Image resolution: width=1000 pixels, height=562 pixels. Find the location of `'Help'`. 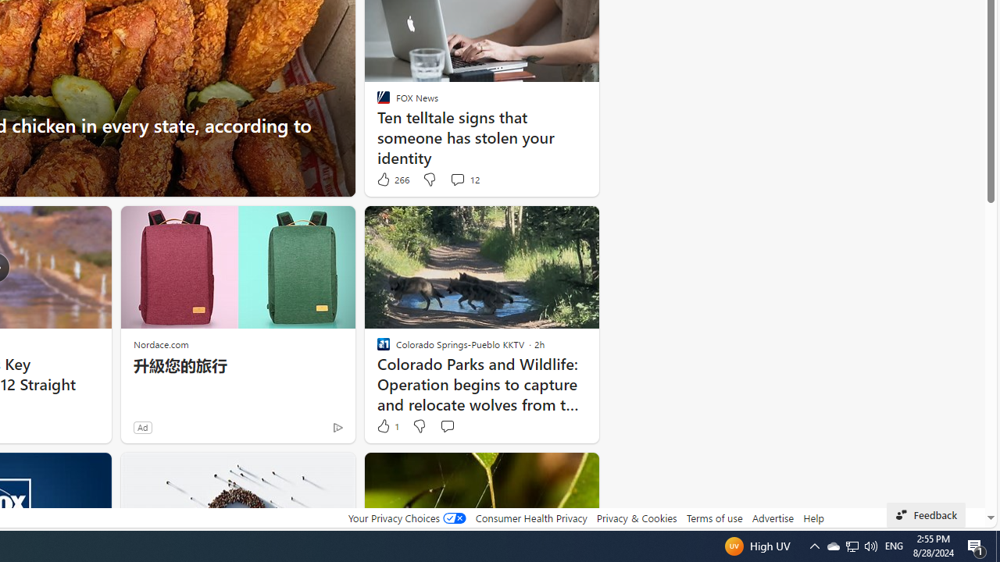

'Help' is located at coordinates (812, 518).